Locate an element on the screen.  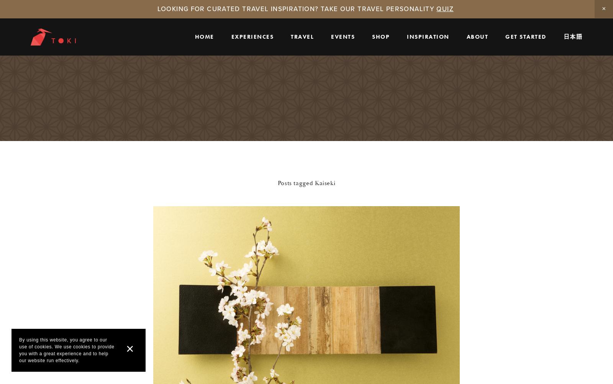
'about' is located at coordinates (477, 36).